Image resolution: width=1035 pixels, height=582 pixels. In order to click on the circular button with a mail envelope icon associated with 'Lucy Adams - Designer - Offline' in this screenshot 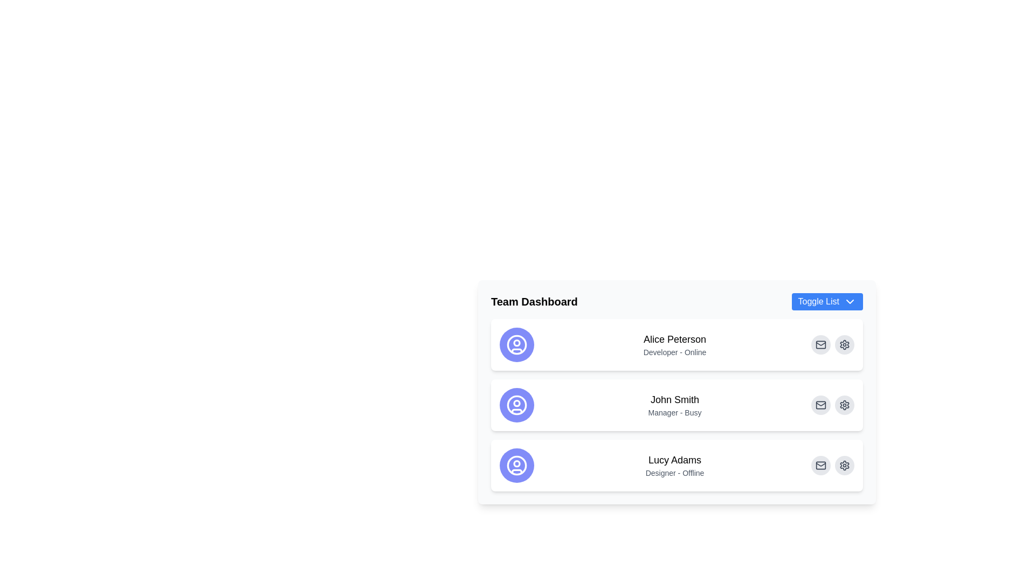, I will do `click(820, 465)`.